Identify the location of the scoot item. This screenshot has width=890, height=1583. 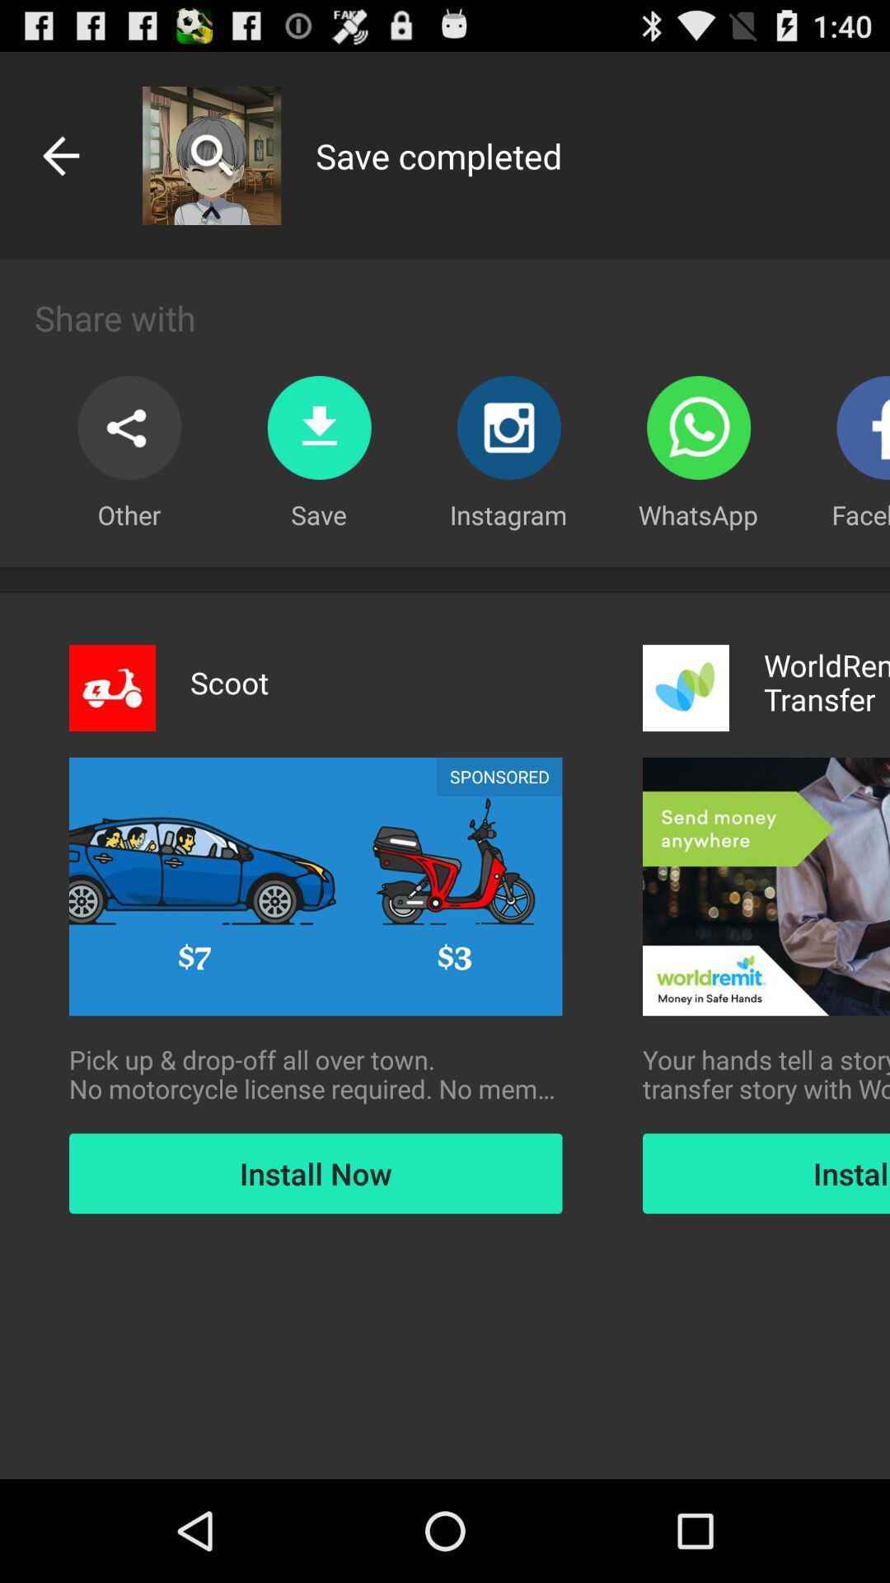
(229, 683).